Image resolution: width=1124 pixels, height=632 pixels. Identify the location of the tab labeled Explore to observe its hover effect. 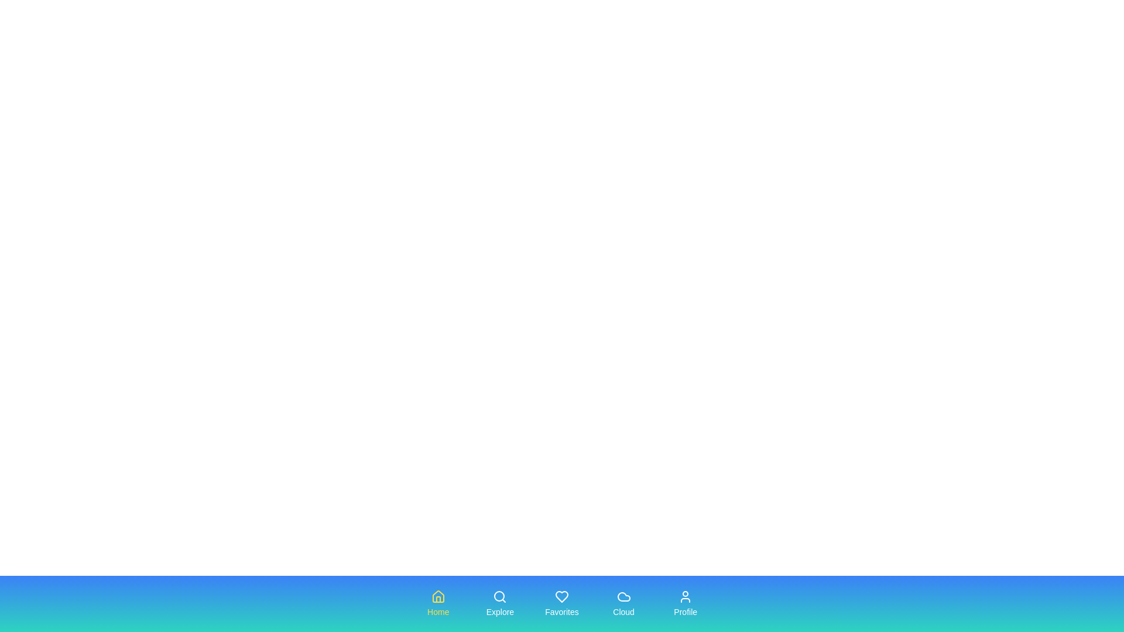
(500, 604).